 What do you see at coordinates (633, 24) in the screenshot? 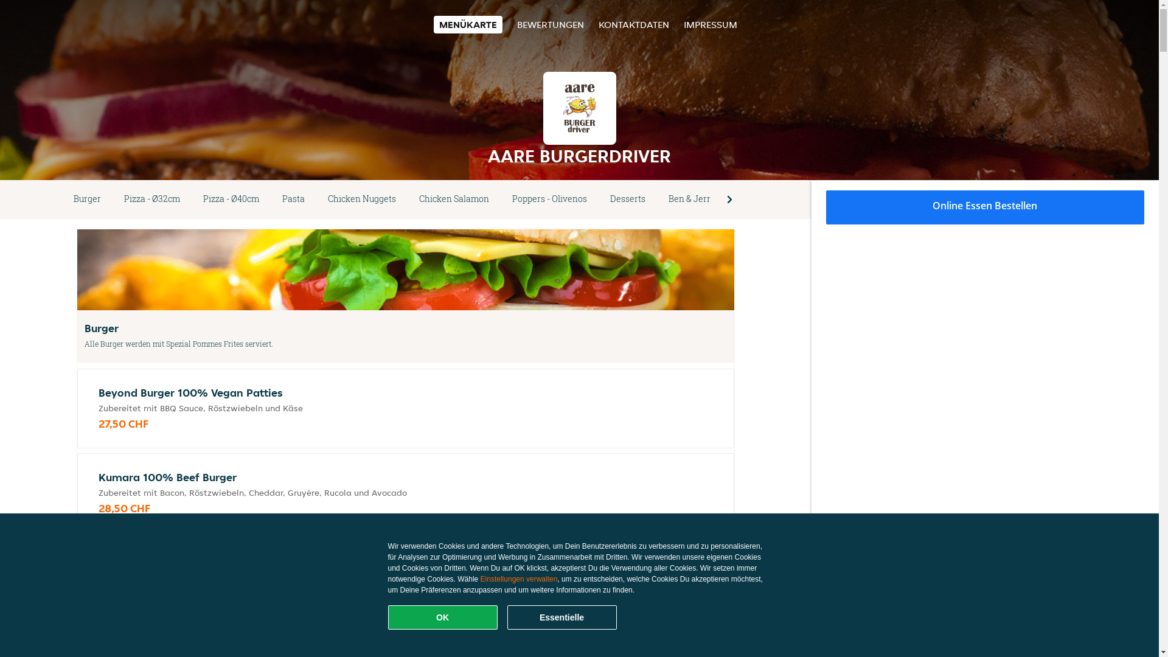
I see `'KONTAKTDATEN'` at bounding box center [633, 24].